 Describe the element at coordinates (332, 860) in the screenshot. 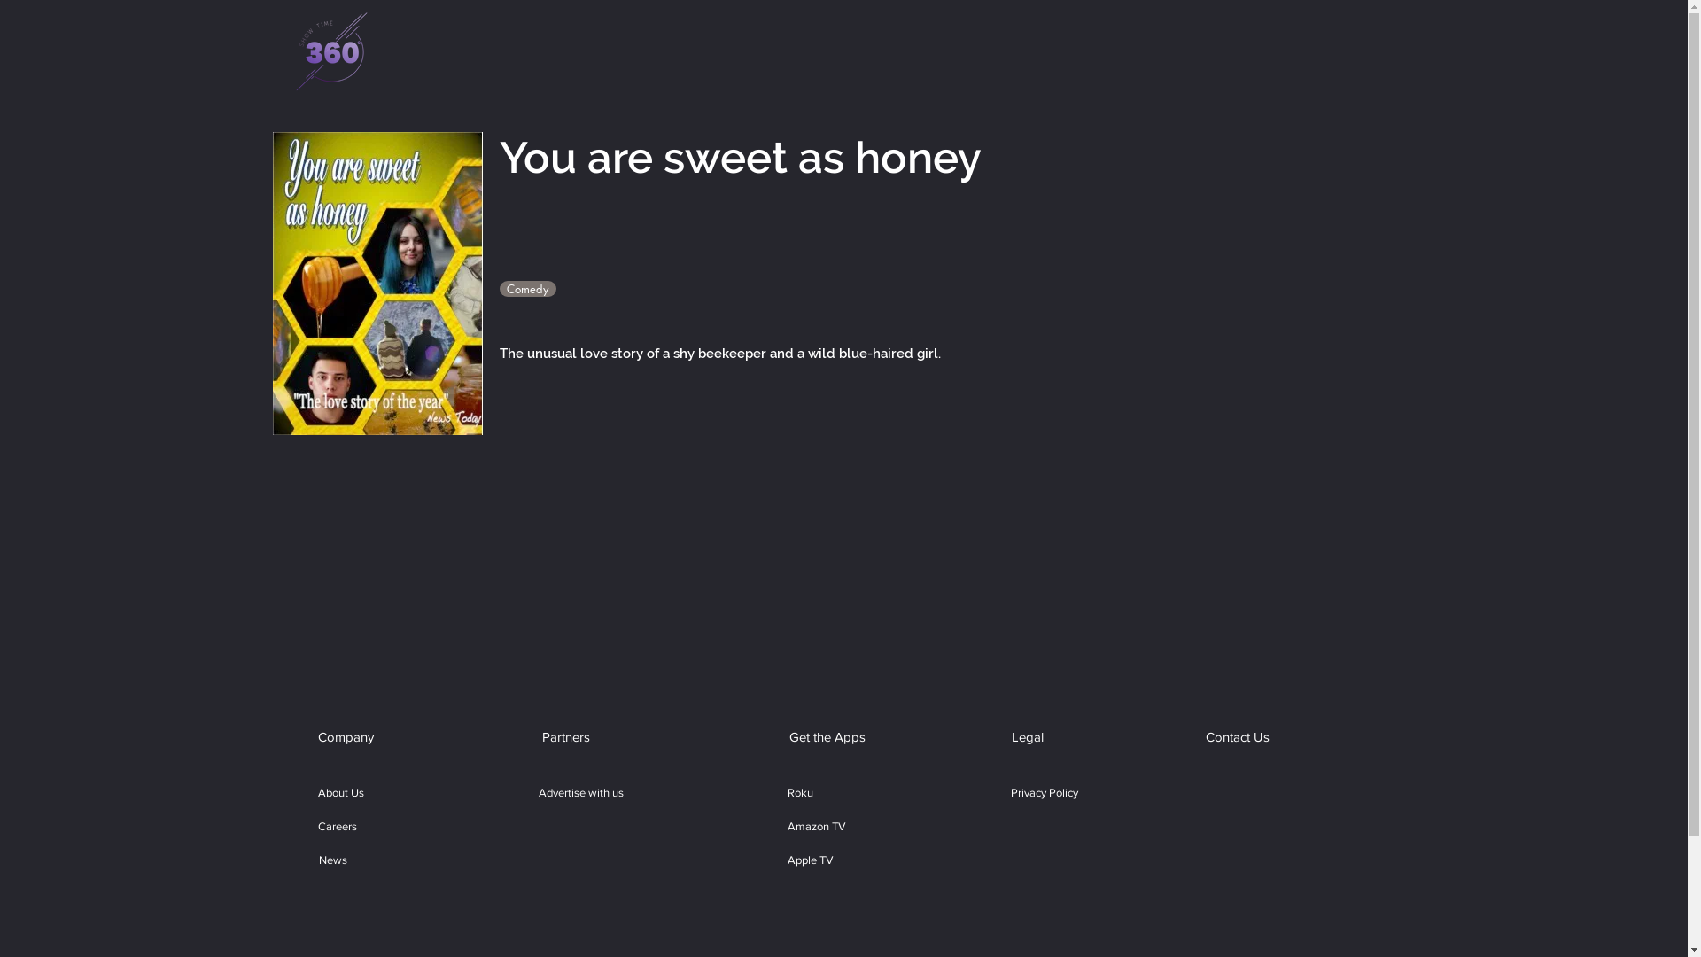

I see `'News'` at that location.